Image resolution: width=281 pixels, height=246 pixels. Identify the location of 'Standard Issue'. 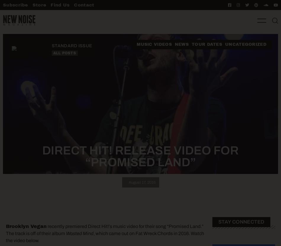
(51, 46).